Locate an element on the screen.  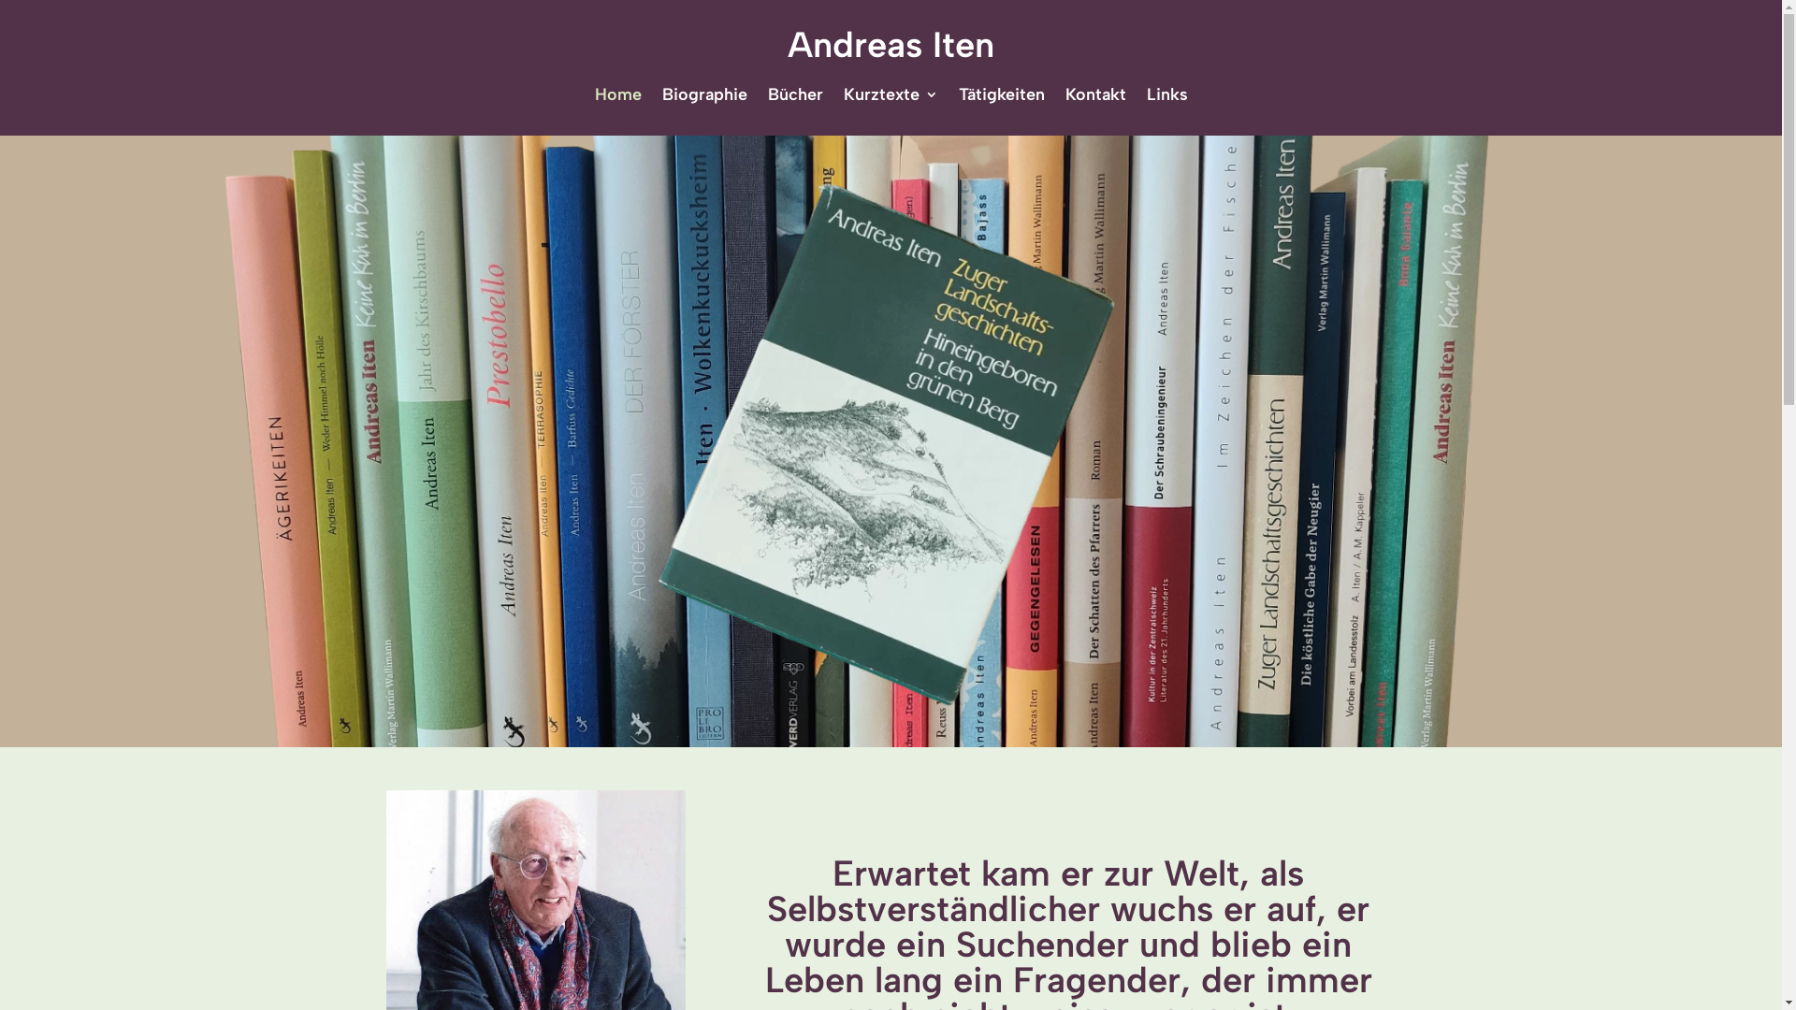
'Links' is located at coordinates (1166, 97).